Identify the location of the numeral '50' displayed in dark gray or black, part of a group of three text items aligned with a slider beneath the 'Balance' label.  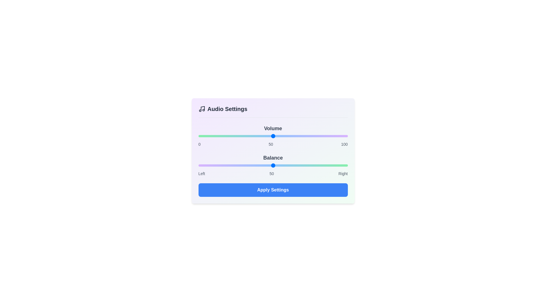
(270, 144).